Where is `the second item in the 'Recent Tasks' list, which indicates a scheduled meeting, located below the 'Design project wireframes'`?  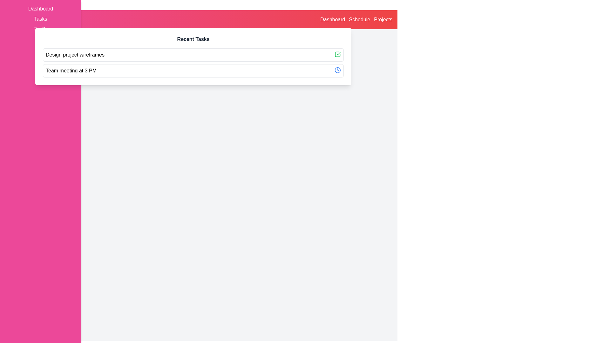
the second item in the 'Recent Tasks' list, which indicates a scheduled meeting, located below the 'Design project wireframes' is located at coordinates (193, 71).